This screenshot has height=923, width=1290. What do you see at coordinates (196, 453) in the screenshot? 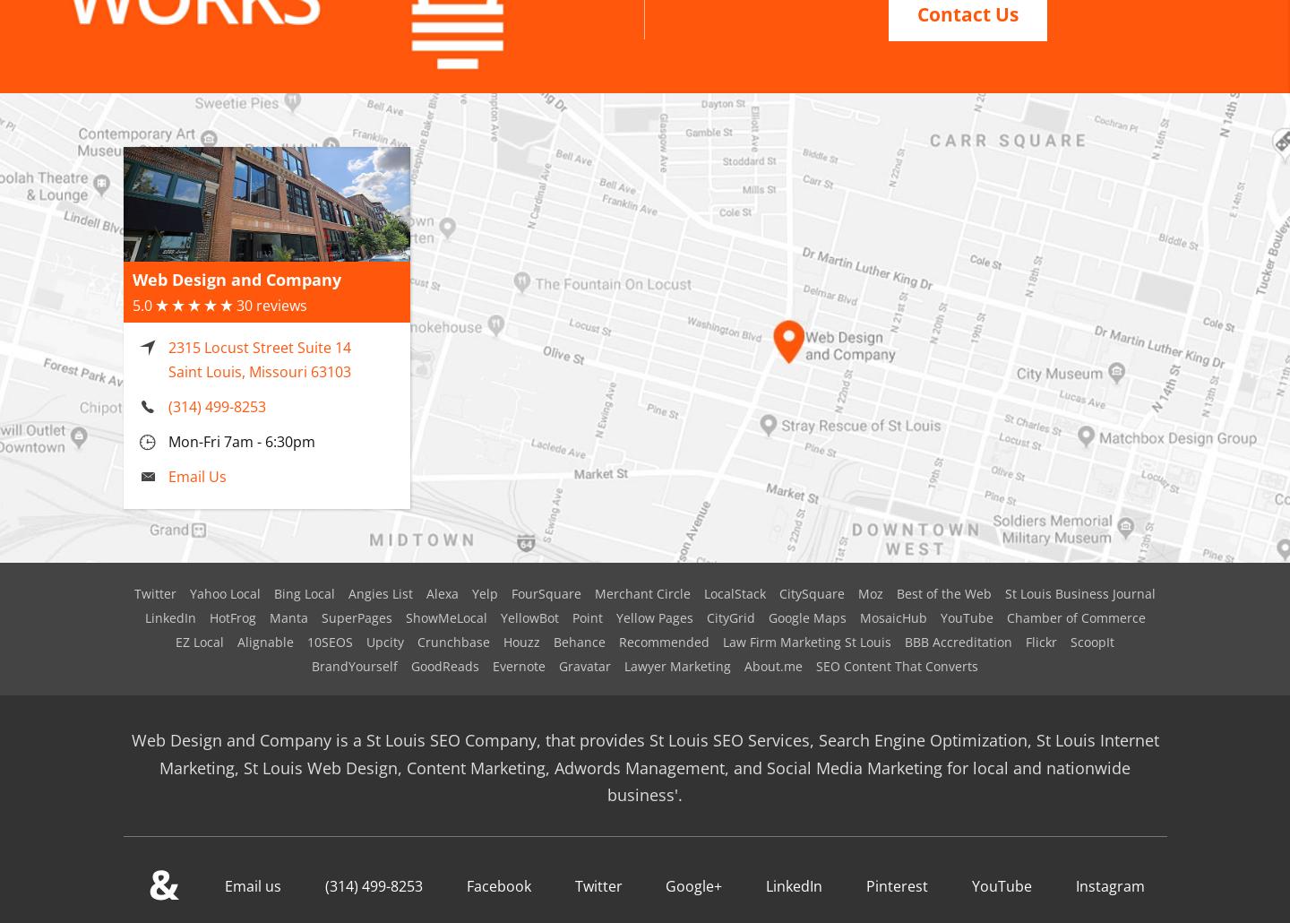
I see `'Email Us'` at bounding box center [196, 453].